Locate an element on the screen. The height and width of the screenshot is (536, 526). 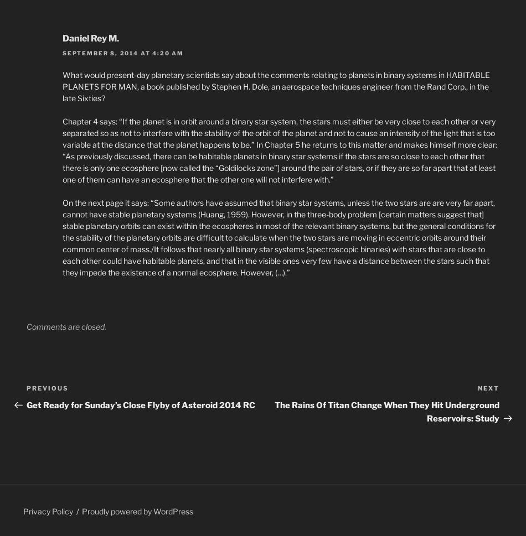
'What would present-day planetary scientists say about the comments relating to planets in binary systems in HABITABLE PLANETS FOR MAN, a book published by Stephen H. Dole, an aerospace techniques engineer from the Rand Corp., in the late Sixties?' is located at coordinates (62, 85).